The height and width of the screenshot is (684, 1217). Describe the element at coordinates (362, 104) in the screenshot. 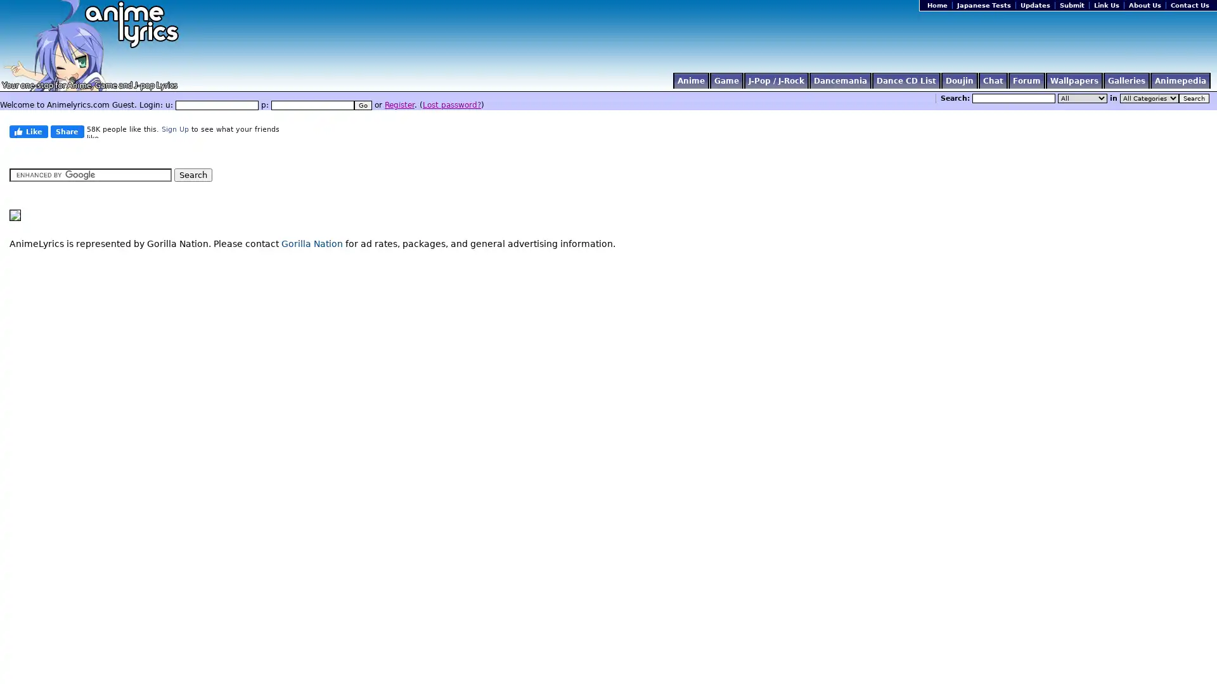

I see `Go` at that location.